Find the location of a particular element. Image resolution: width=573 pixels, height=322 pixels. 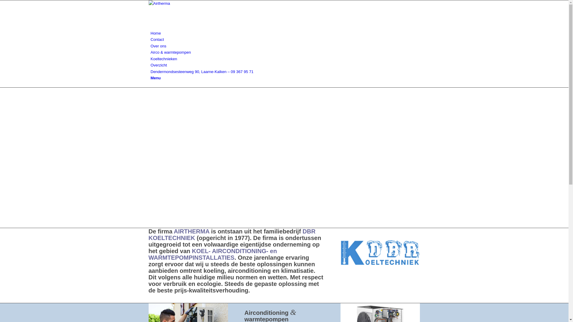

'dbr' is located at coordinates (341, 253).